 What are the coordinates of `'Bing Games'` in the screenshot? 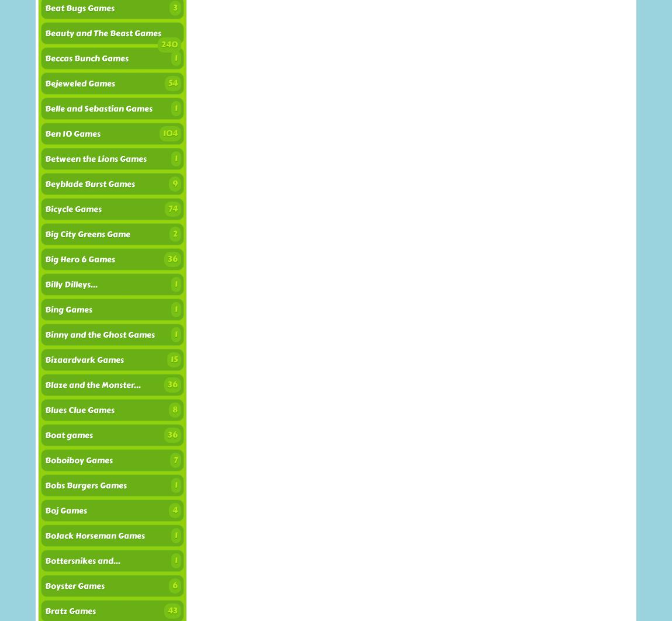 It's located at (68, 310).